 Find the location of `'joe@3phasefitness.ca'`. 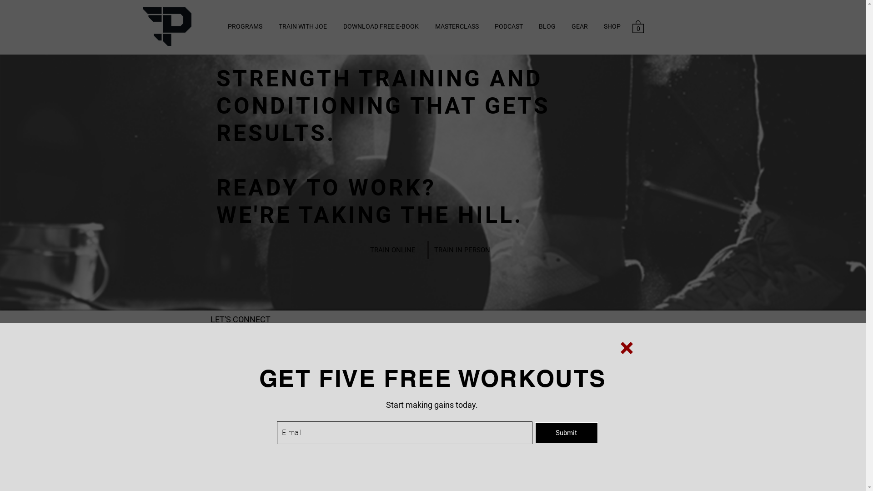

'joe@3phasefitness.ca' is located at coordinates (241, 356).